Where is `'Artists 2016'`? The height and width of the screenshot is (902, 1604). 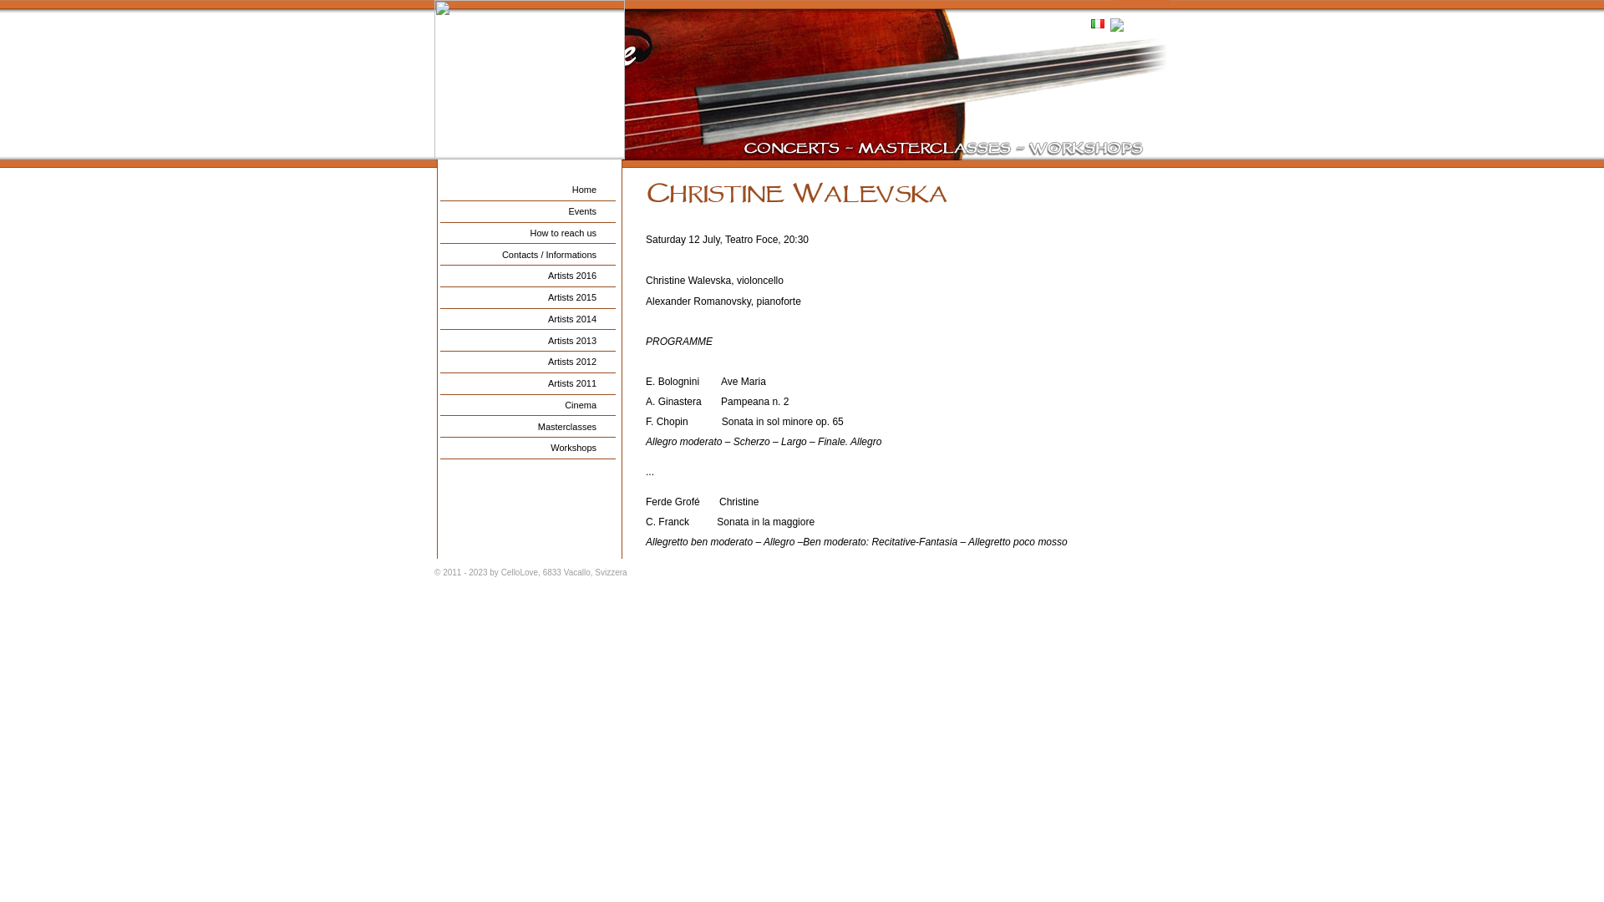 'Artists 2016' is located at coordinates (527, 276).